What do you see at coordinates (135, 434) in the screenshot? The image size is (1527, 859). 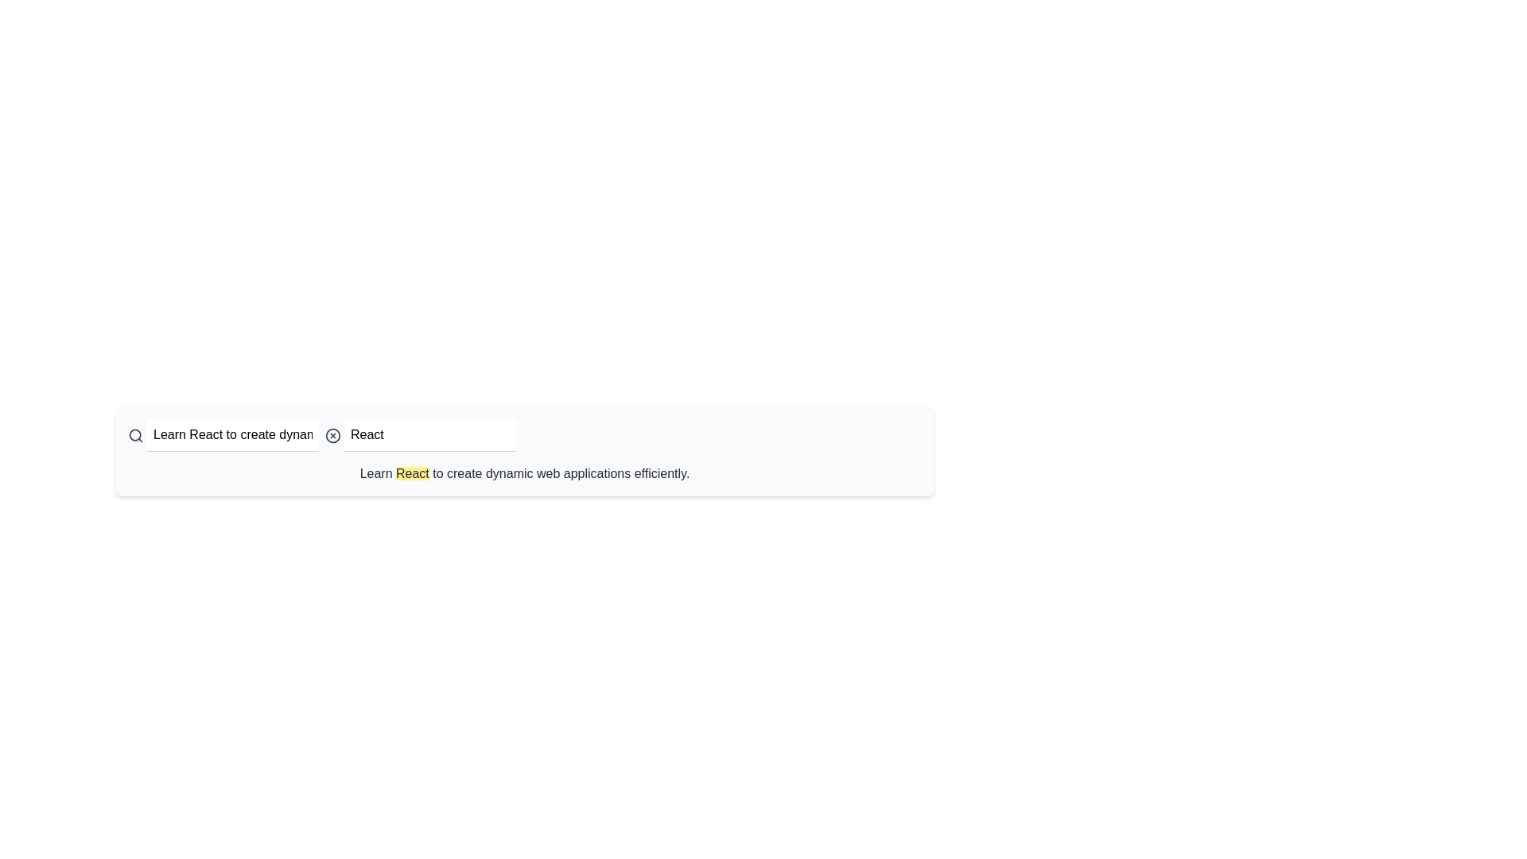 I see `the circular SVG element that is part of a search icon located at the top-left of the search bar` at bounding box center [135, 434].